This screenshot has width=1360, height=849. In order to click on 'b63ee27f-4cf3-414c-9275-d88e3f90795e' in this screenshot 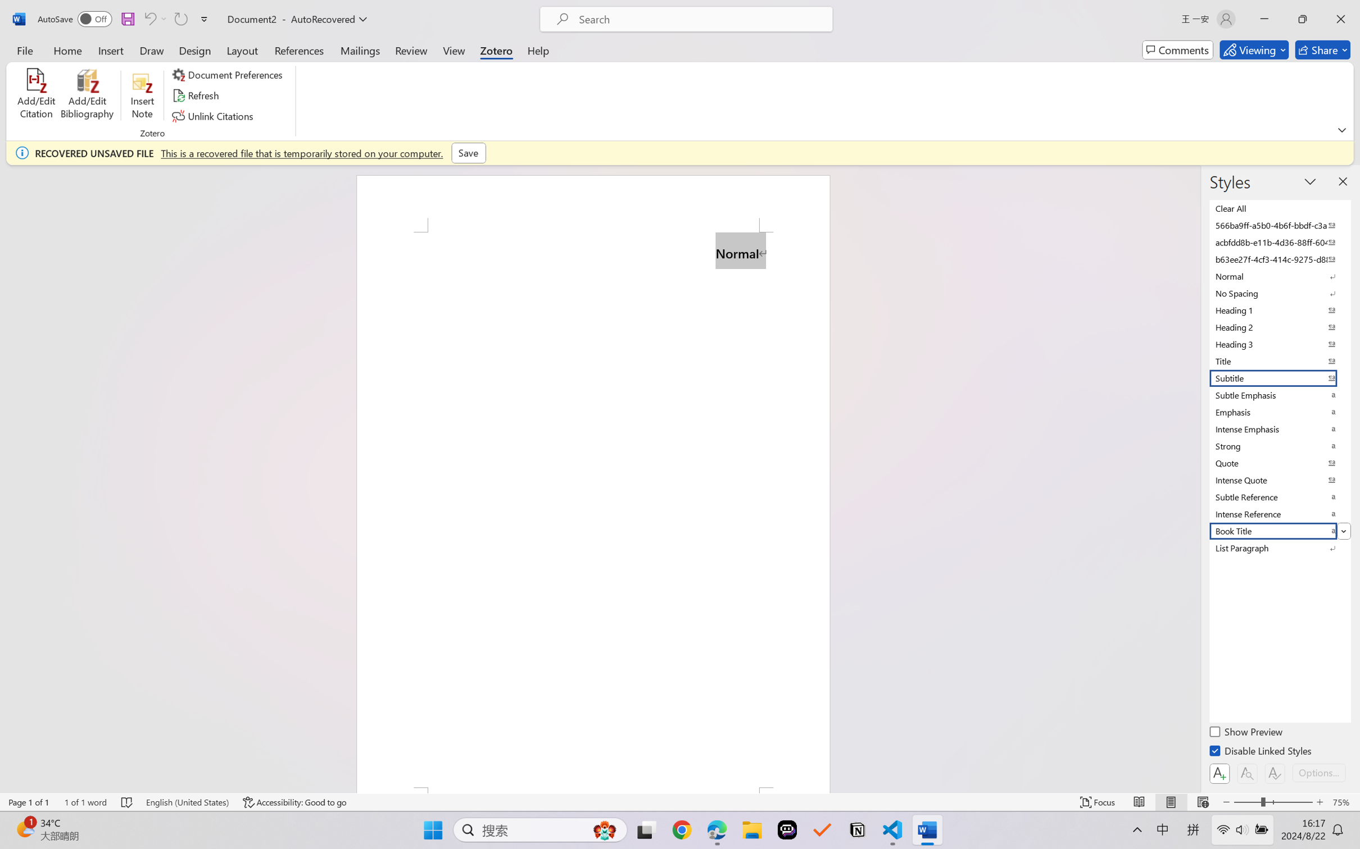, I will do `click(1279, 259)`.